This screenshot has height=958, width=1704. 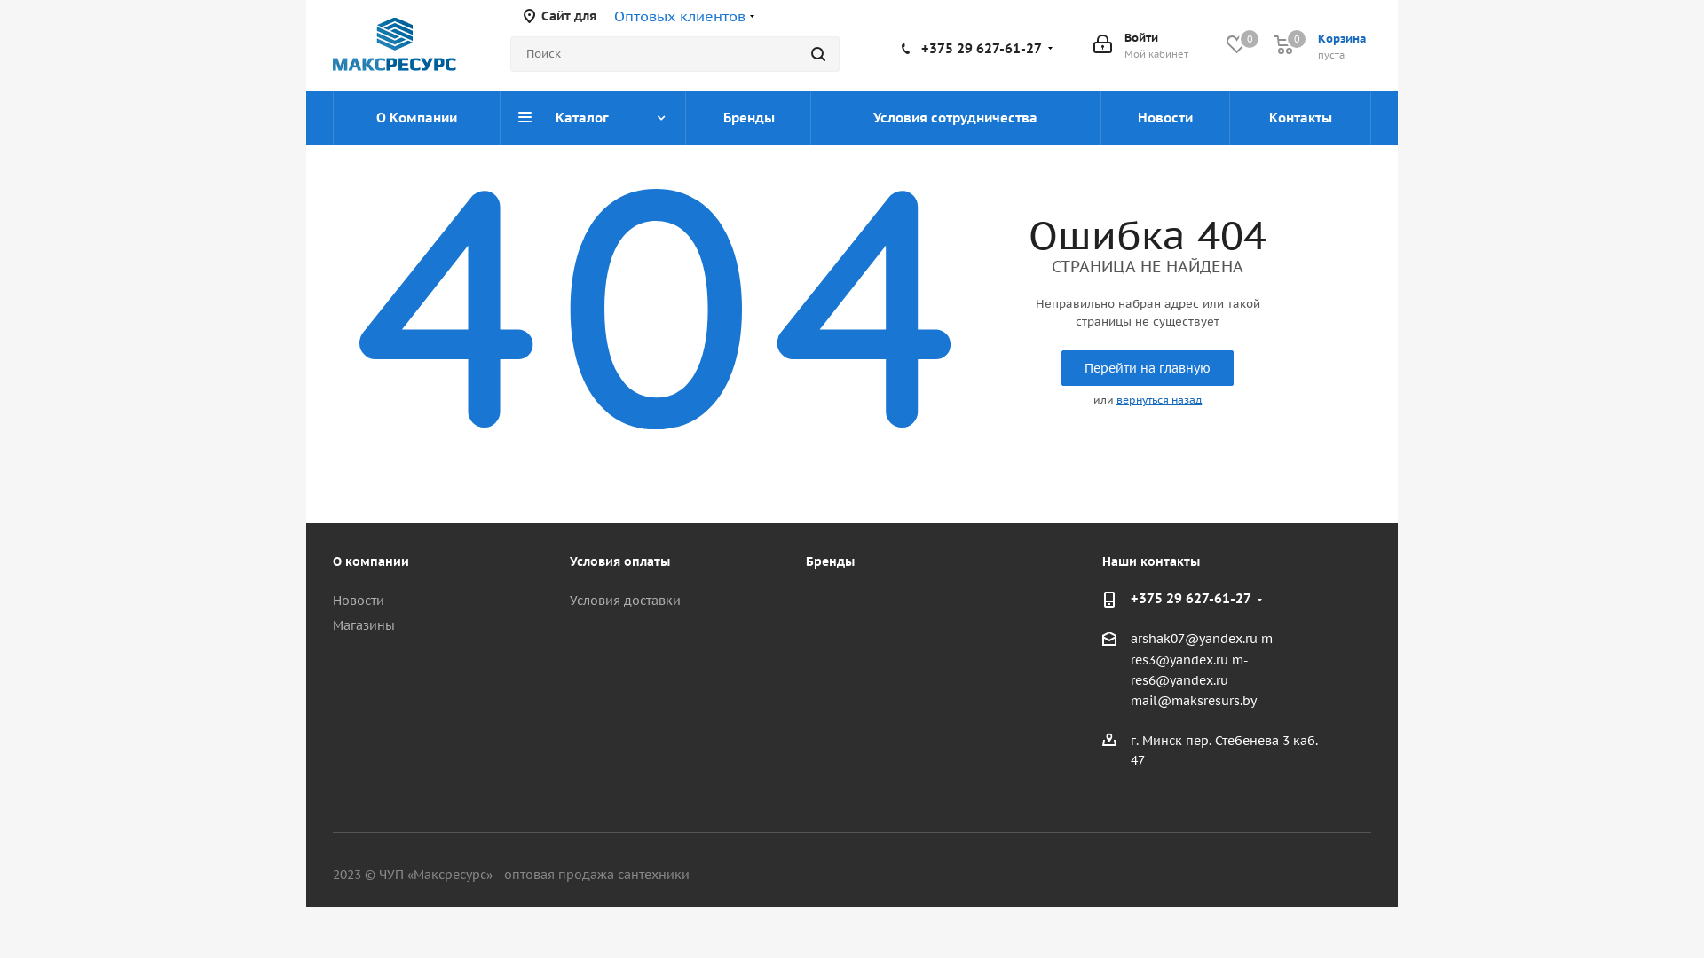 I want to click on 'arshak07@yandex.ru', so click(x=1194, y=640).